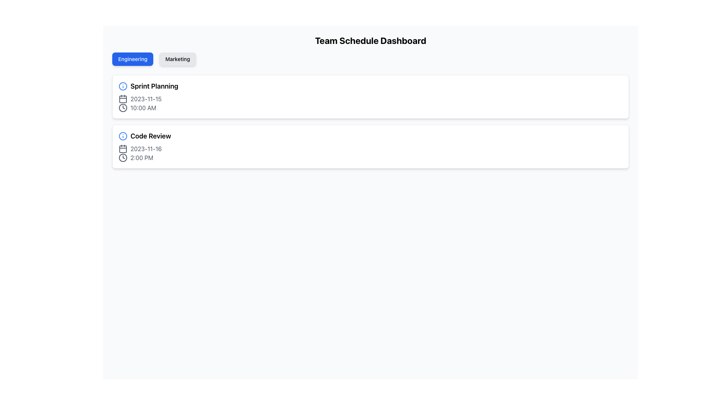  What do you see at coordinates (123, 108) in the screenshot?
I see `the clock icon representing the time for the 'Sprint Planning' event, located to the left of the text '10:00 AM'` at bounding box center [123, 108].